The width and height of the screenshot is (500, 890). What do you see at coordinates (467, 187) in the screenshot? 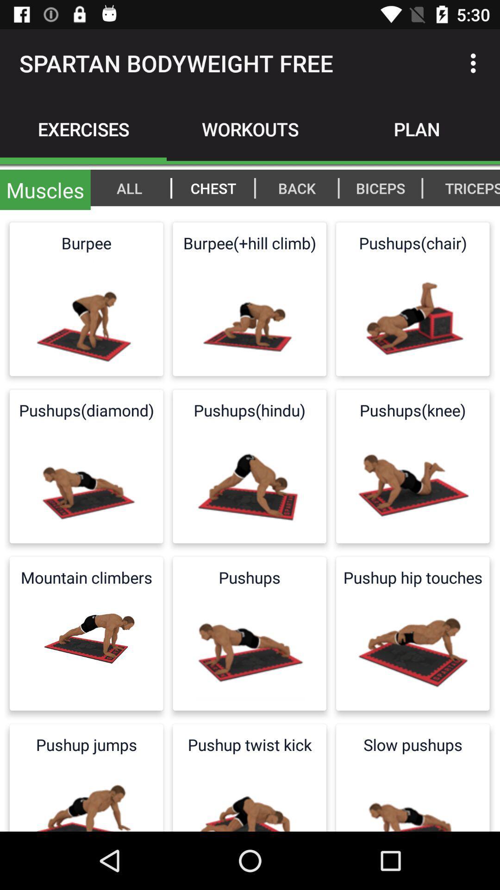
I see `the icon next to |` at bounding box center [467, 187].